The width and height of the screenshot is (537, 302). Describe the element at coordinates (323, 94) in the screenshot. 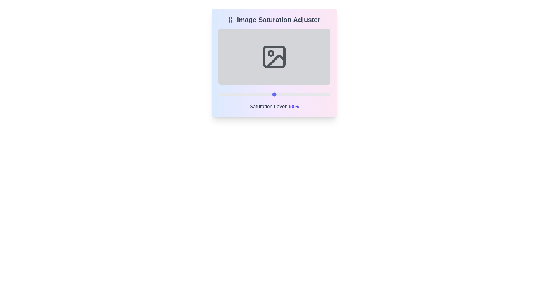

I see `the saturation slider to set the saturation level to 94` at that location.